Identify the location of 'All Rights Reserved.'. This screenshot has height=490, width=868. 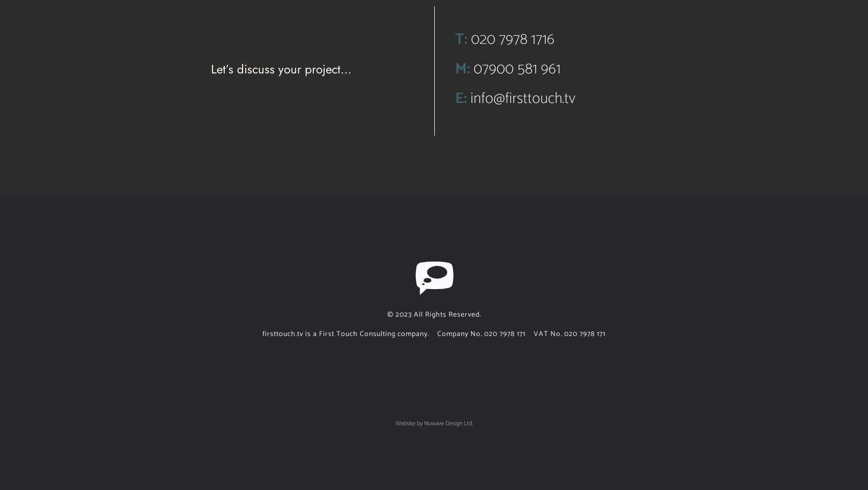
(446, 315).